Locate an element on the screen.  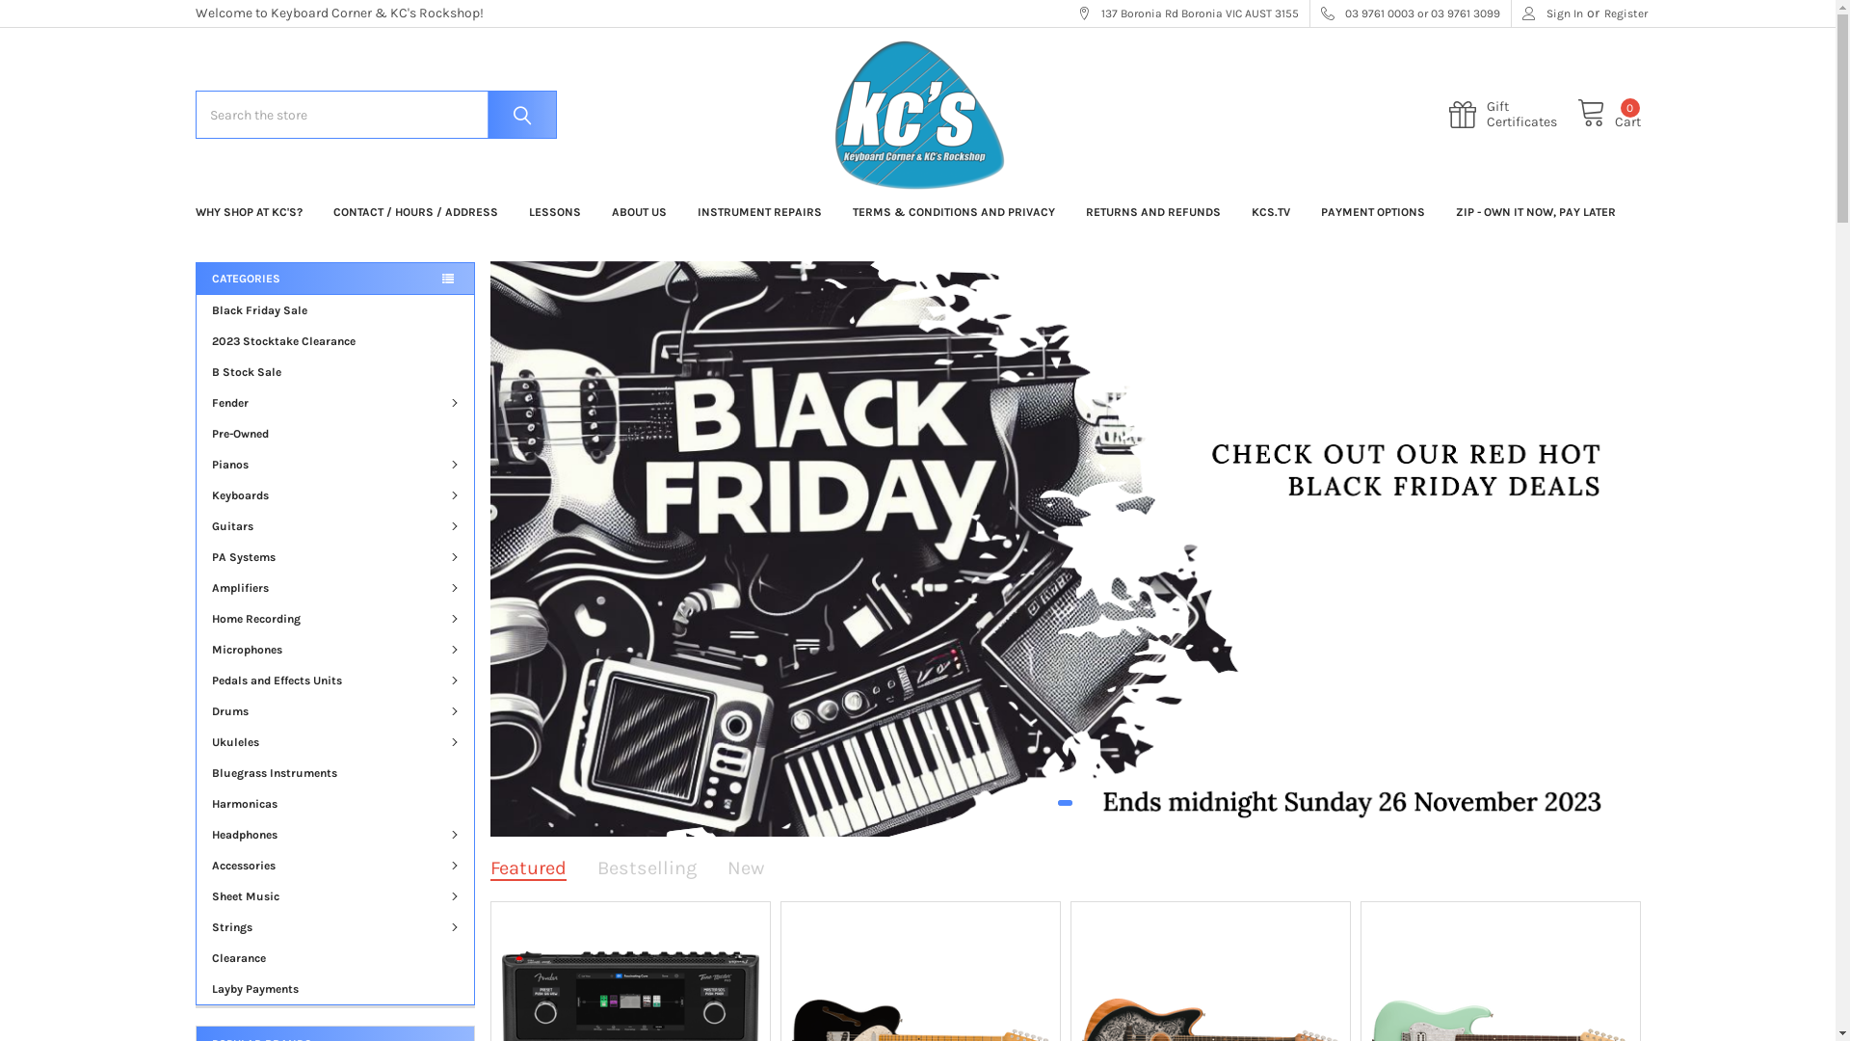
'Search' is located at coordinates (517, 115).